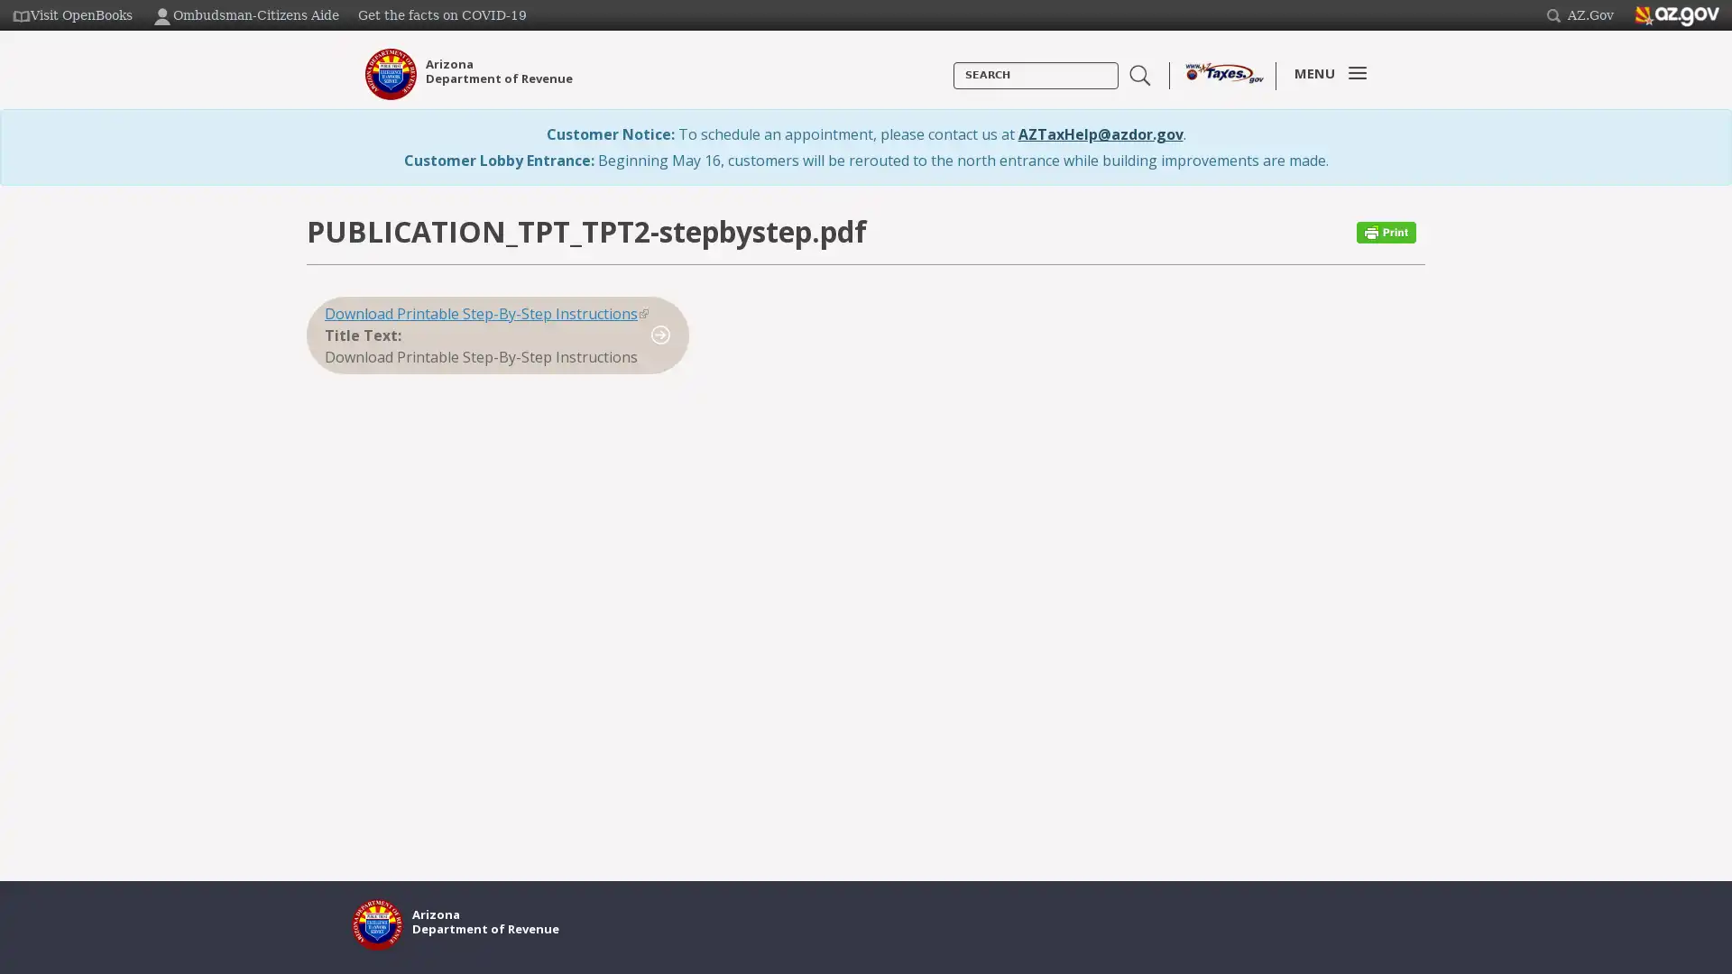 Image resolution: width=1732 pixels, height=974 pixels. What do you see at coordinates (953, 89) in the screenshot?
I see `Search` at bounding box center [953, 89].